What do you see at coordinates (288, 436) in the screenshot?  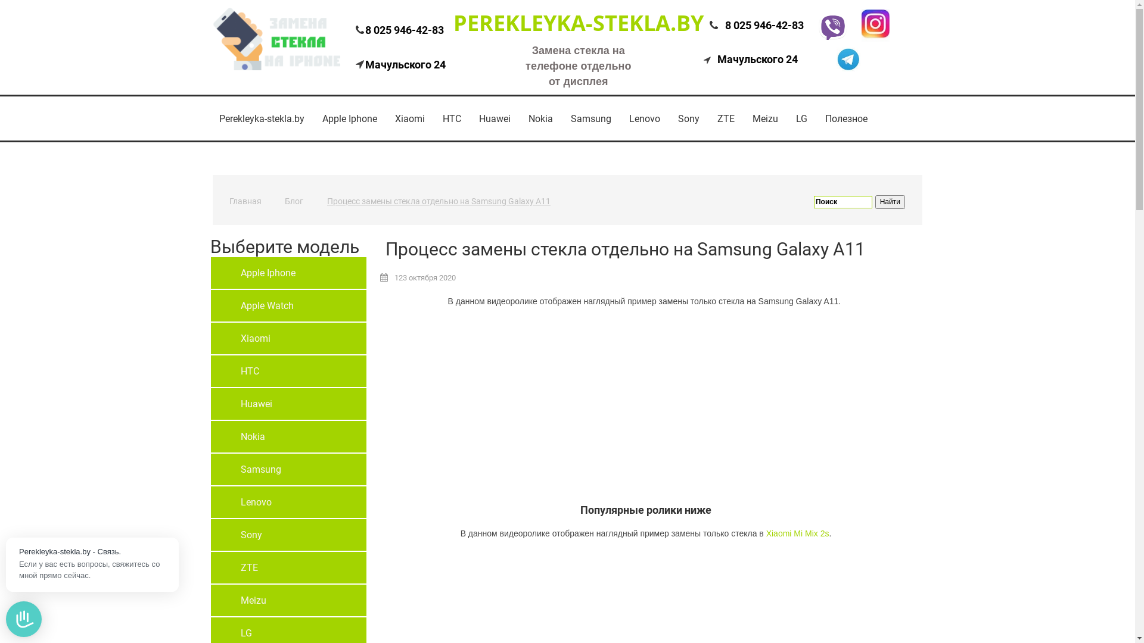 I see `'Nokia'` at bounding box center [288, 436].